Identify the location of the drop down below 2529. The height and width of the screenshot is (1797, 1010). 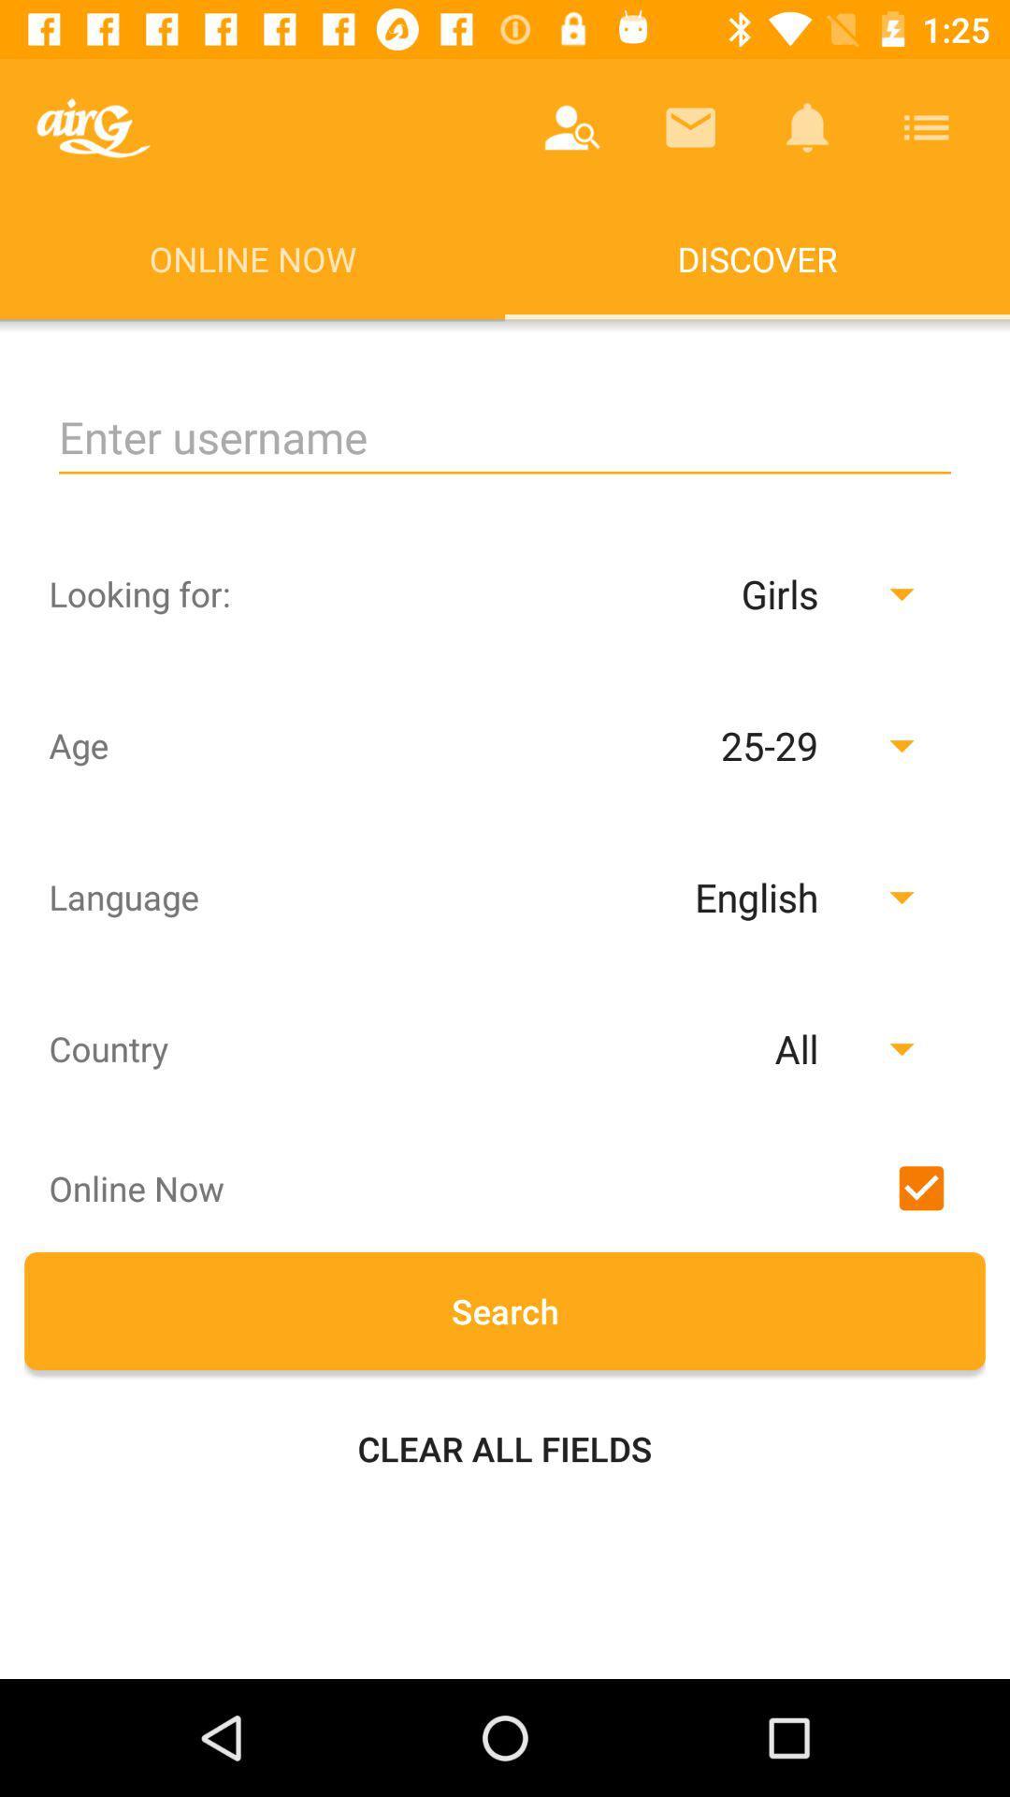
(710, 896).